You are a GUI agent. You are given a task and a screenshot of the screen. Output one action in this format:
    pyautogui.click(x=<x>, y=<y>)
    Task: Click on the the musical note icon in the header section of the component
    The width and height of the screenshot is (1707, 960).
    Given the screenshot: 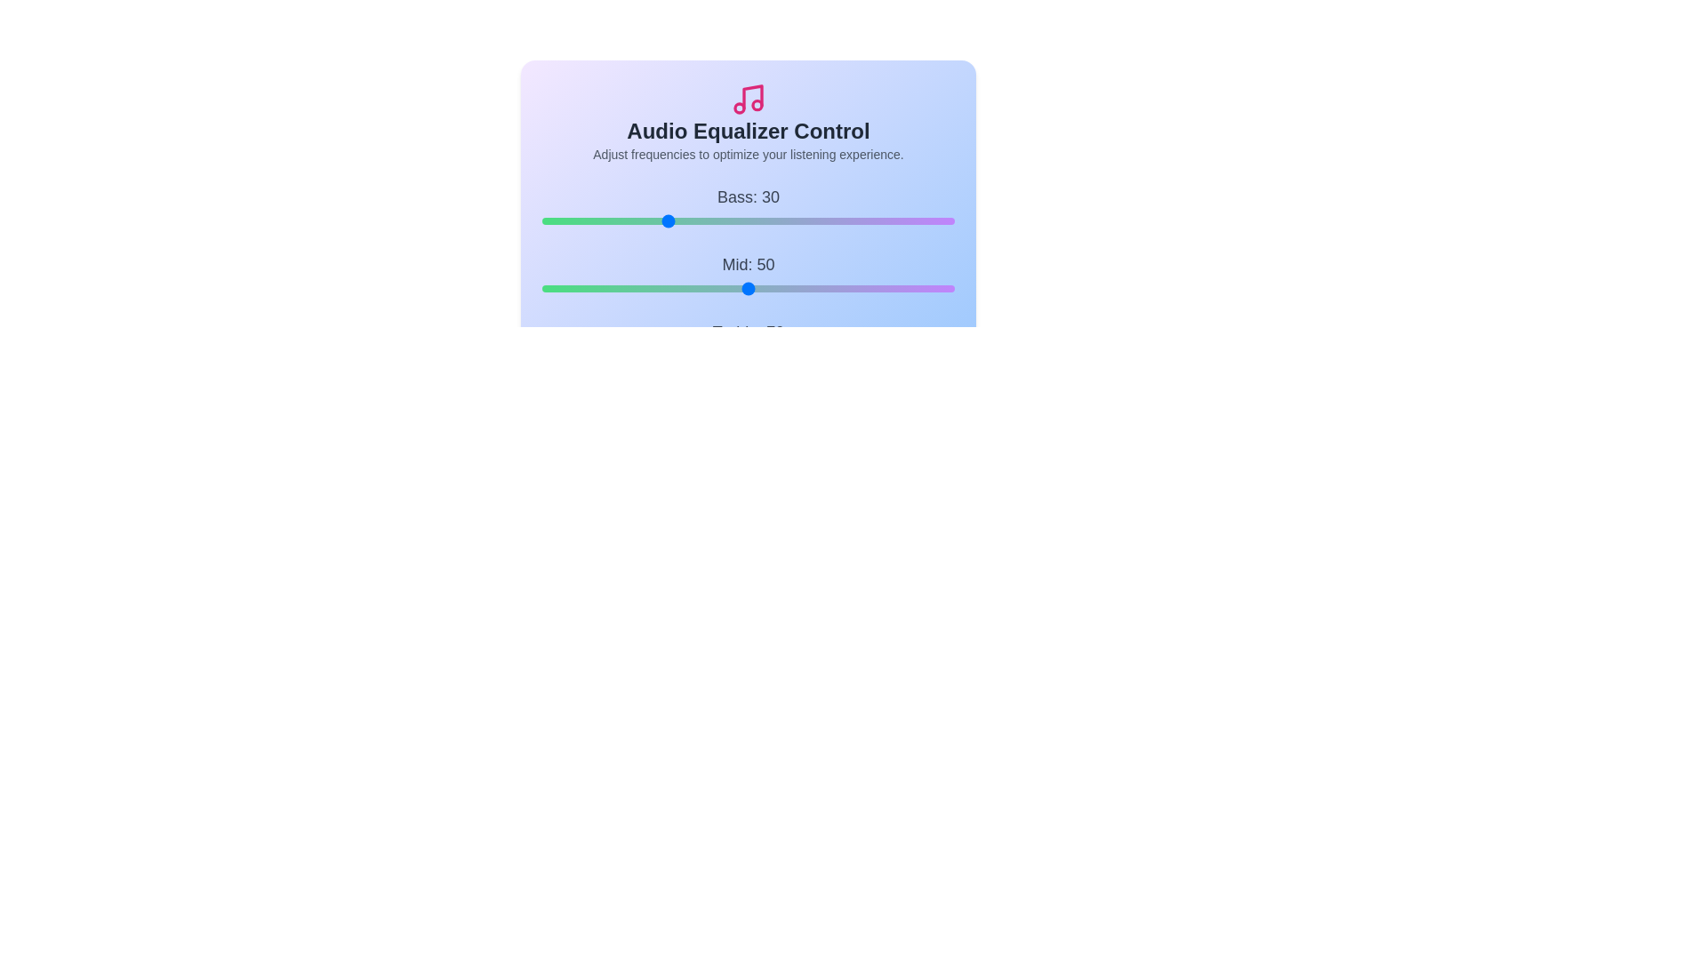 What is the action you would take?
    pyautogui.click(x=748, y=99)
    